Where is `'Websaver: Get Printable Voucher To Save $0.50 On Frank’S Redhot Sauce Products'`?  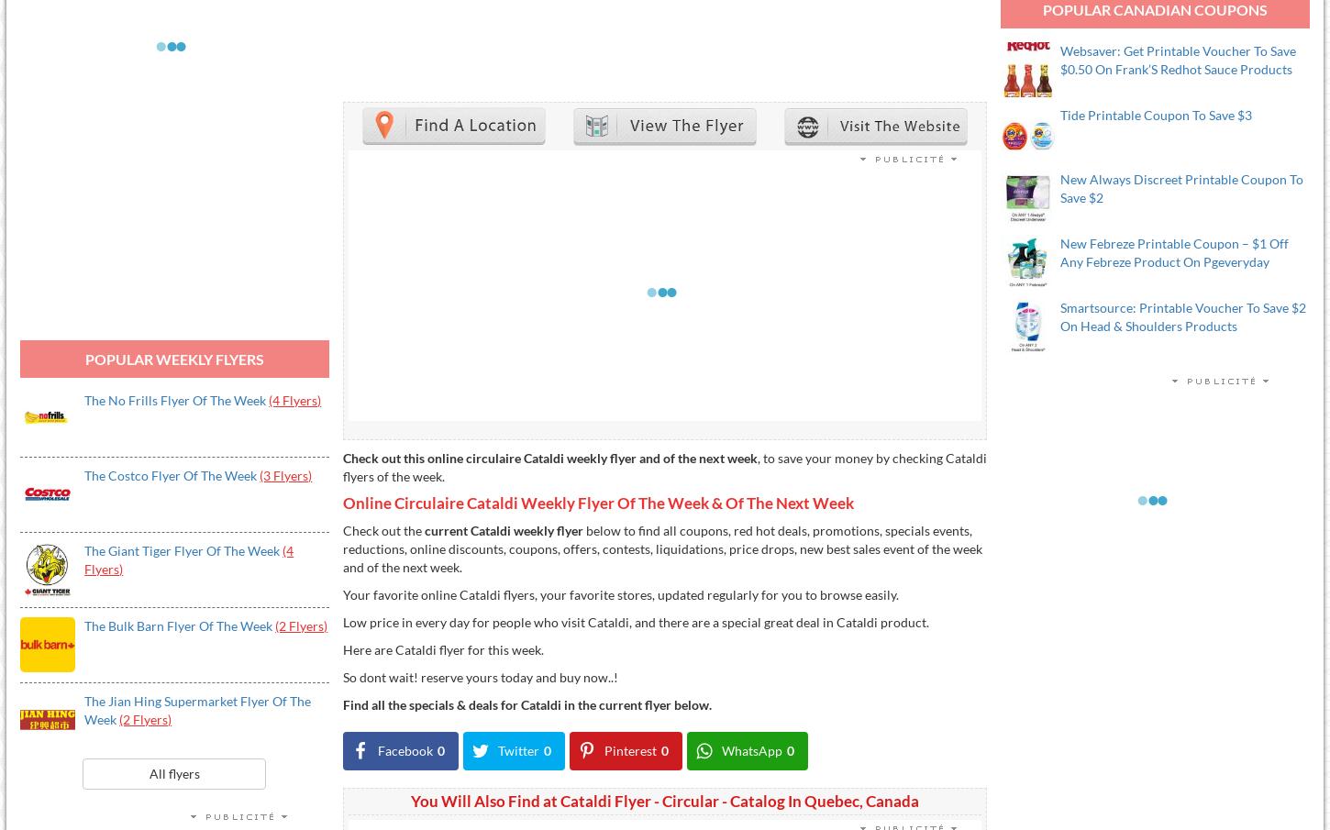 'Websaver: Get Printable Voucher To Save $0.50 On Frank’S Redhot Sauce Products' is located at coordinates (1178, 60).